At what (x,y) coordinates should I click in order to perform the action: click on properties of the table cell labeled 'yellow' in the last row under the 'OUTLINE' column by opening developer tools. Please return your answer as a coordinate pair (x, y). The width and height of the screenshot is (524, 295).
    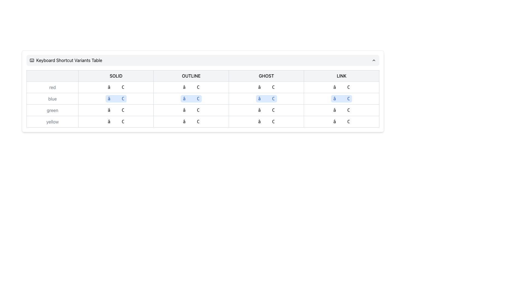
    Looking at the image, I should click on (203, 121).